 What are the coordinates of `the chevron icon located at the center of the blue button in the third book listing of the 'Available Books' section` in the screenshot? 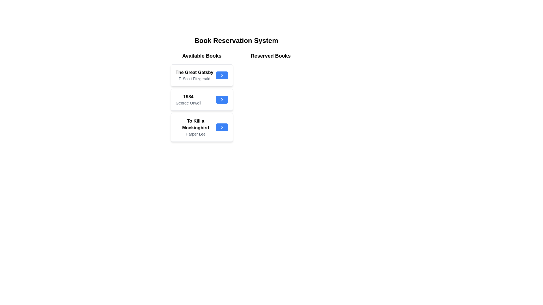 It's located at (221, 127).